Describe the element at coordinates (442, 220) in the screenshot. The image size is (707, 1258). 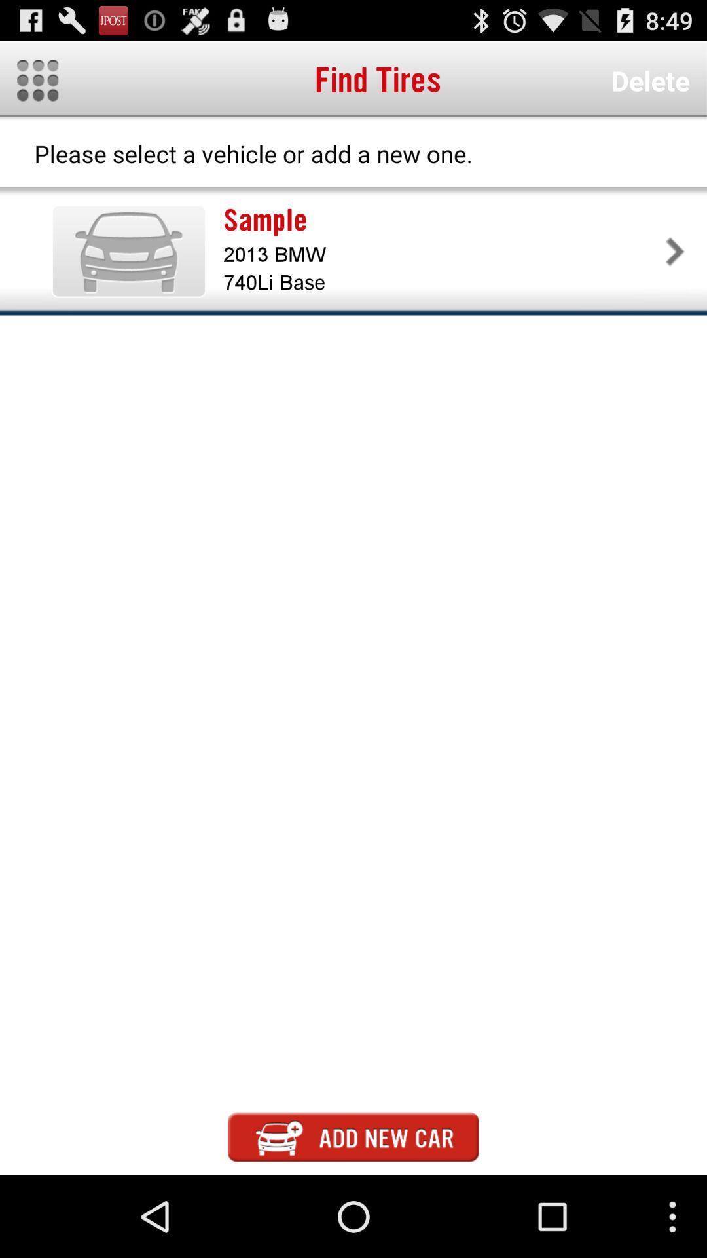
I see `the sample app` at that location.